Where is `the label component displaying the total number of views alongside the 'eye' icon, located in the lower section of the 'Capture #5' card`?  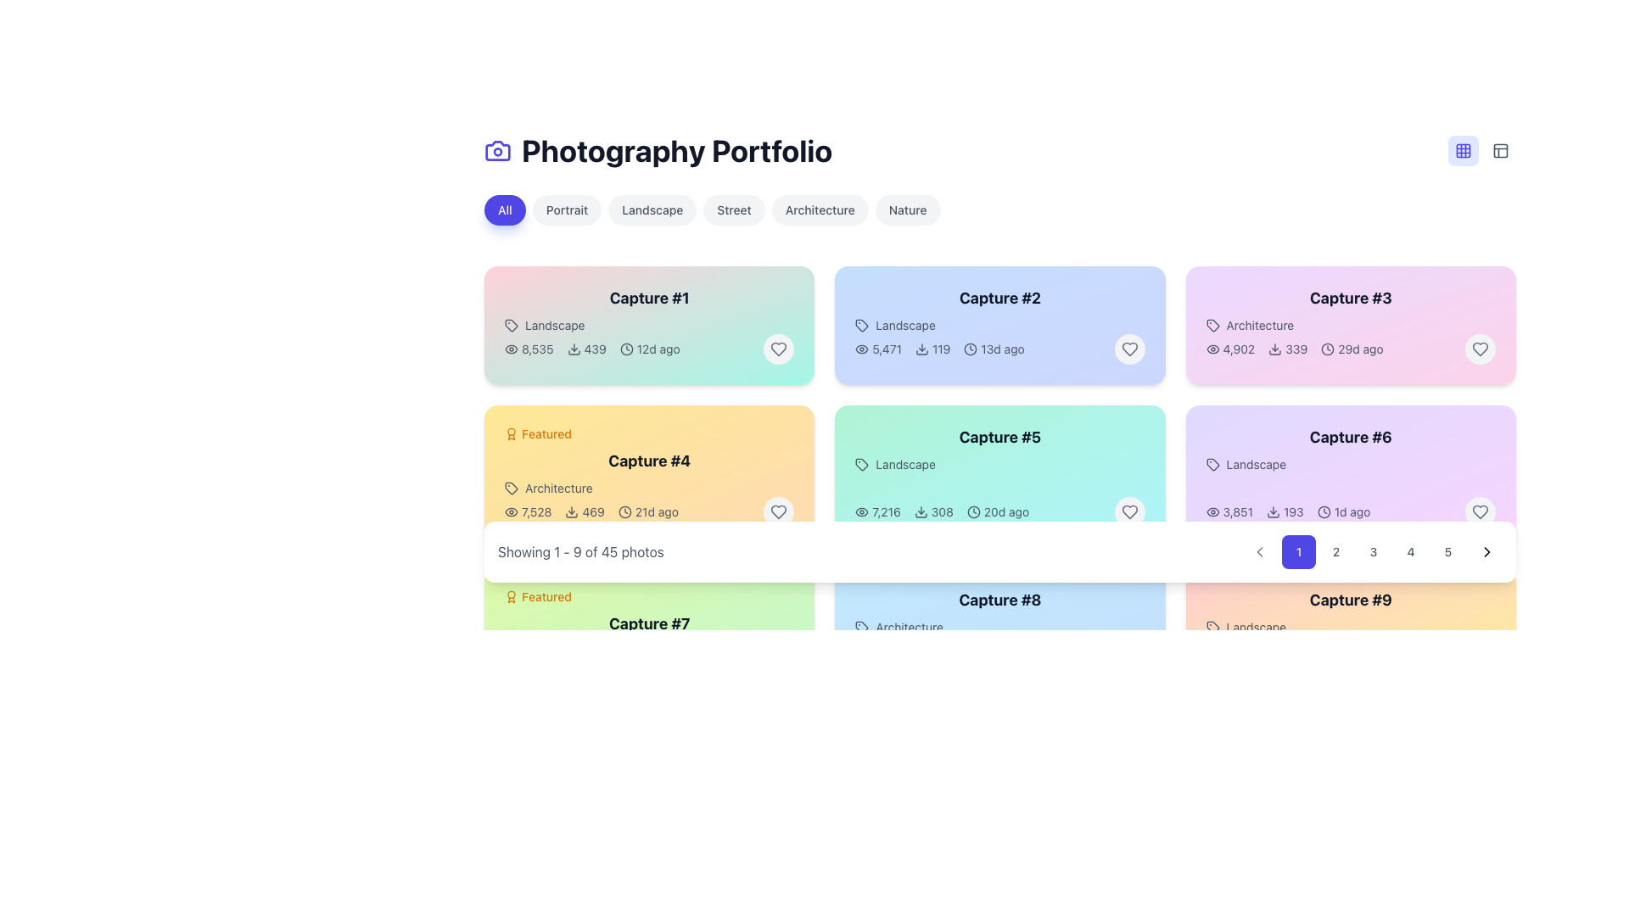 the label component displaying the total number of views alongside the 'eye' icon, located in the lower section of the 'Capture #5' card is located at coordinates (878, 511).